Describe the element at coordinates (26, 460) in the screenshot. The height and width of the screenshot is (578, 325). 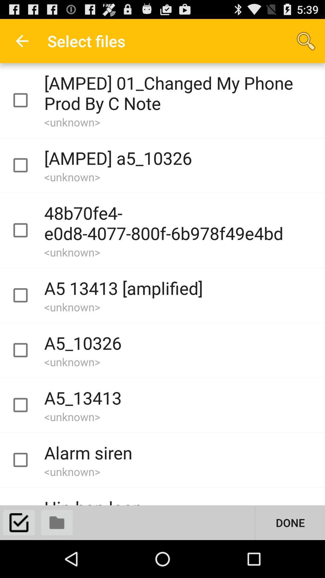
I see `interactive check` at that location.